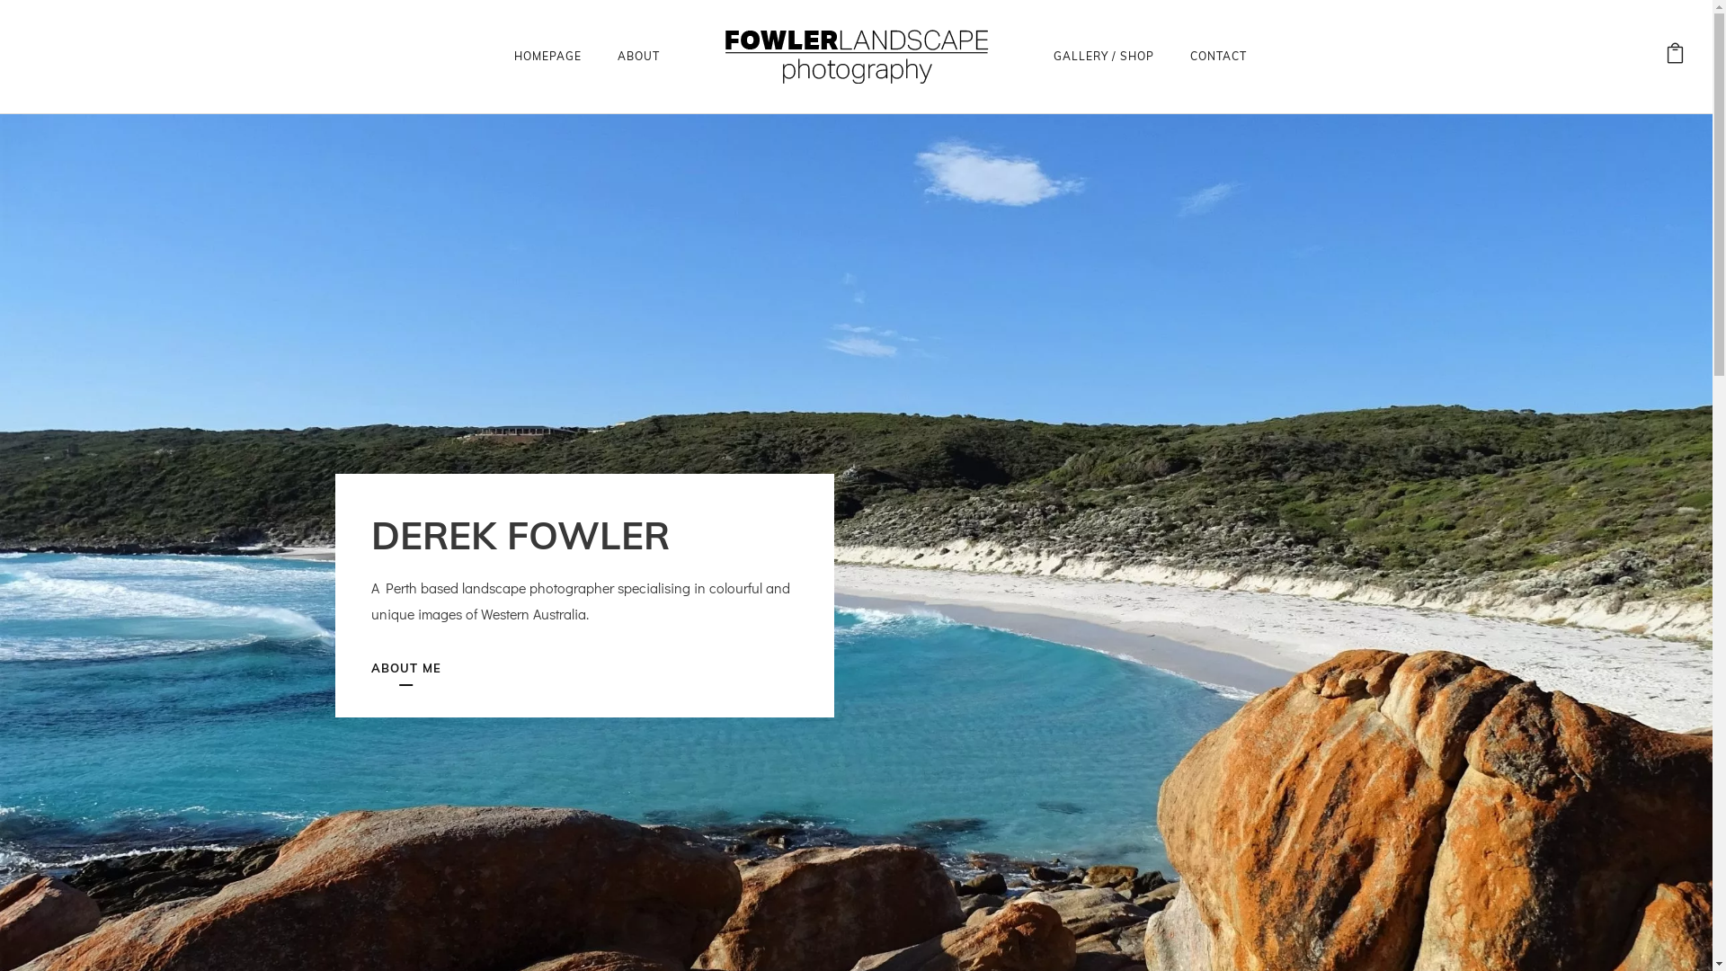  I want to click on 'ABOUT', so click(637, 55).